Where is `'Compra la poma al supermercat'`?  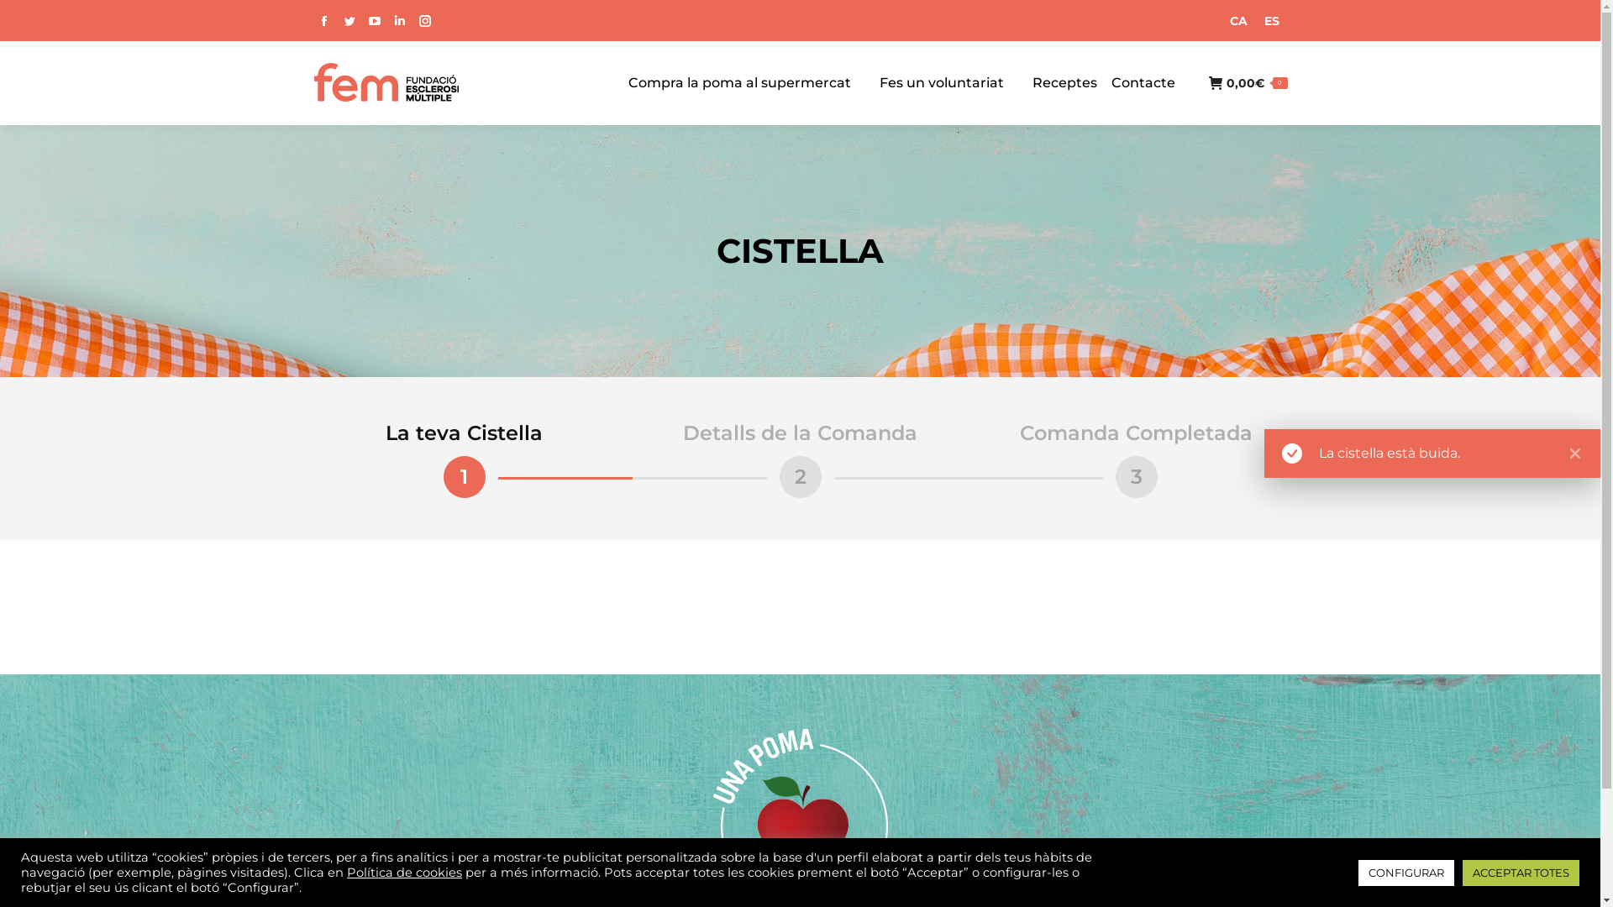
'Compra la poma al supermercat' is located at coordinates (739, 83).